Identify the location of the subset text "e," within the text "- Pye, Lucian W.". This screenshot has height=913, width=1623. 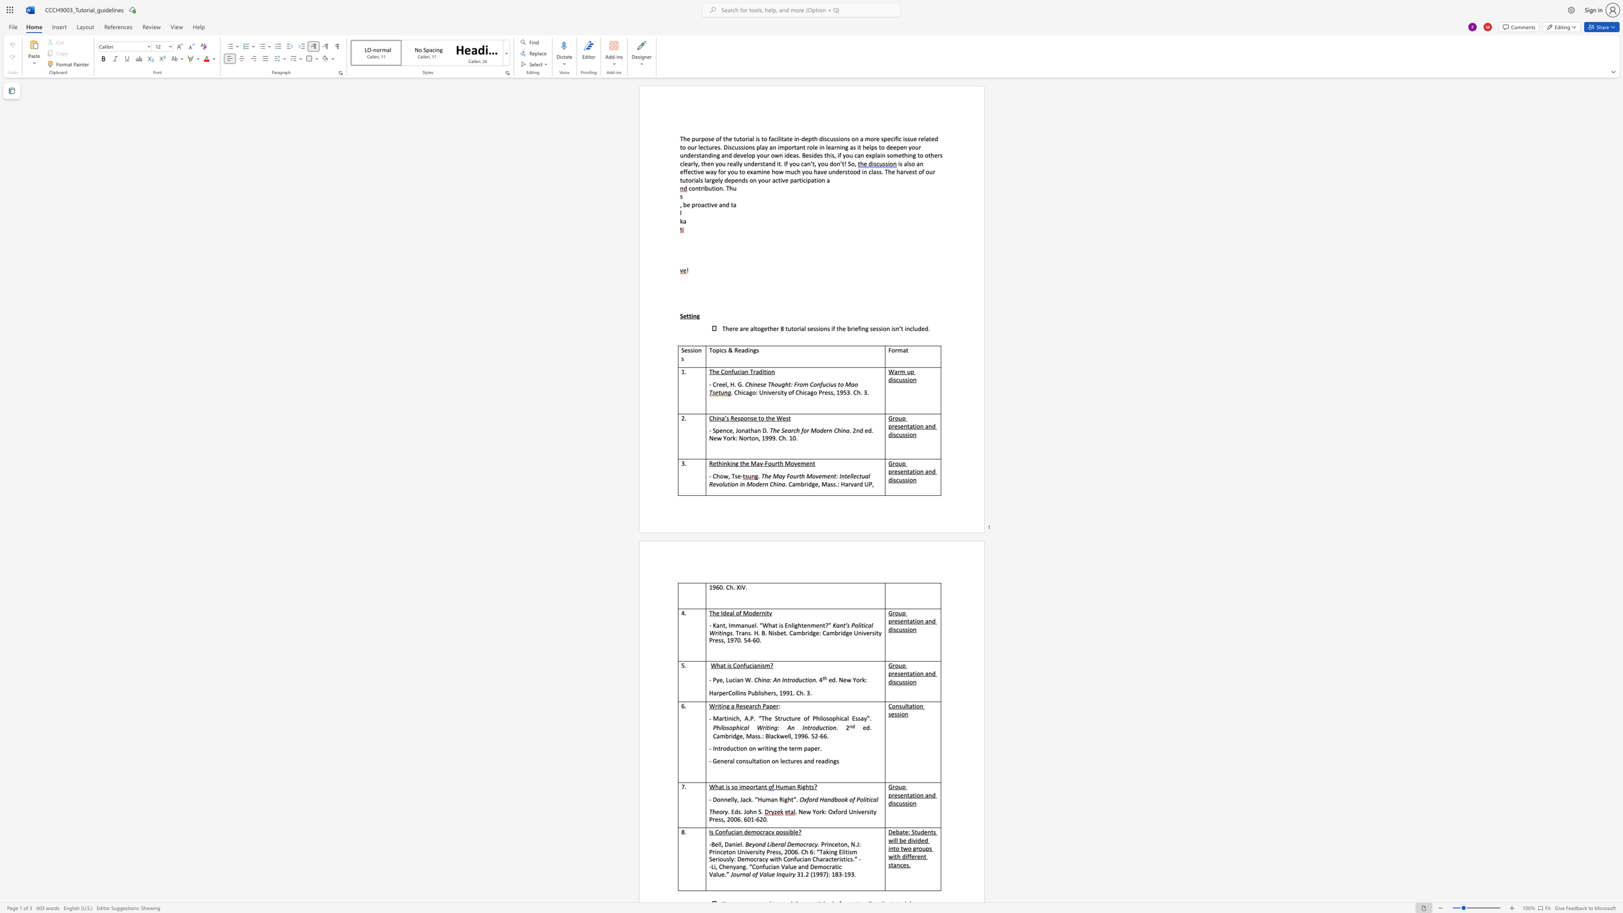
(718, 680).